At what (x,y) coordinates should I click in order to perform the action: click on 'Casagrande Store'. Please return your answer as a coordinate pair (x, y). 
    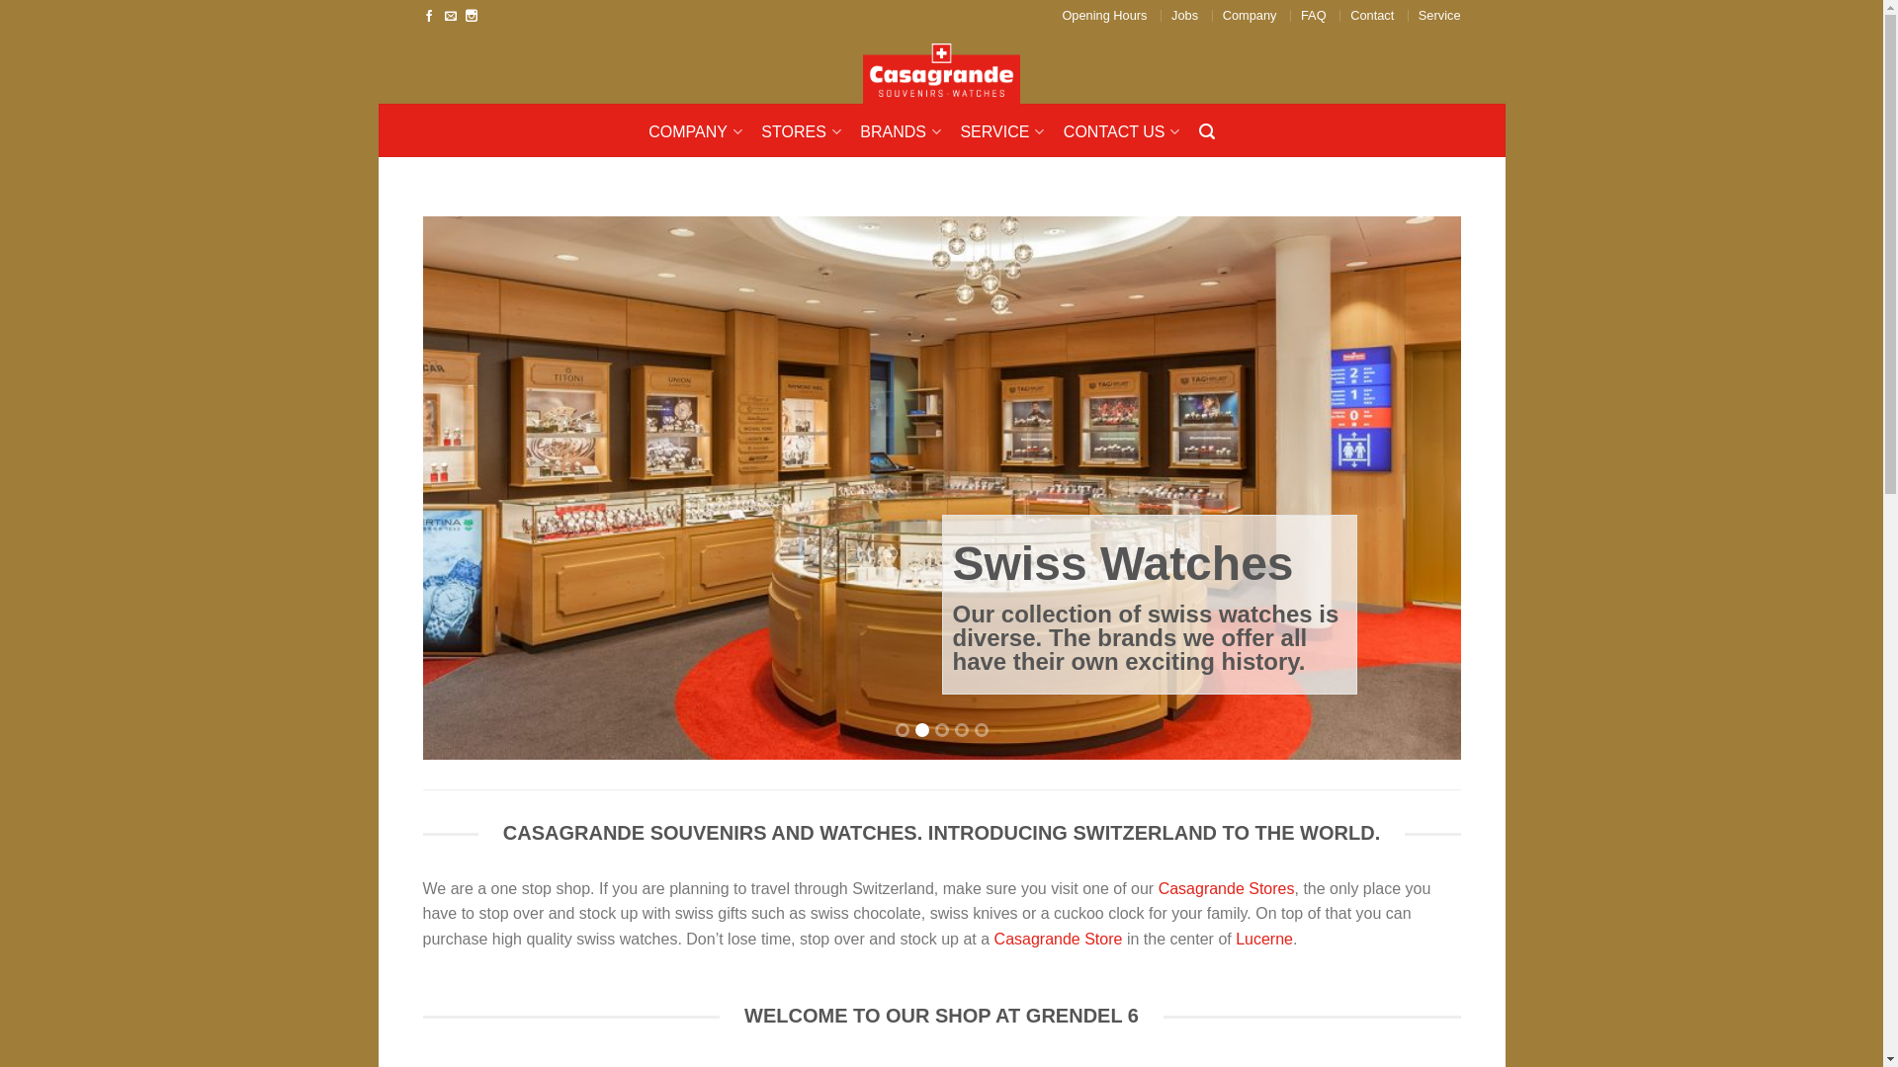
    Looking at the image, I should click on (994, 938).